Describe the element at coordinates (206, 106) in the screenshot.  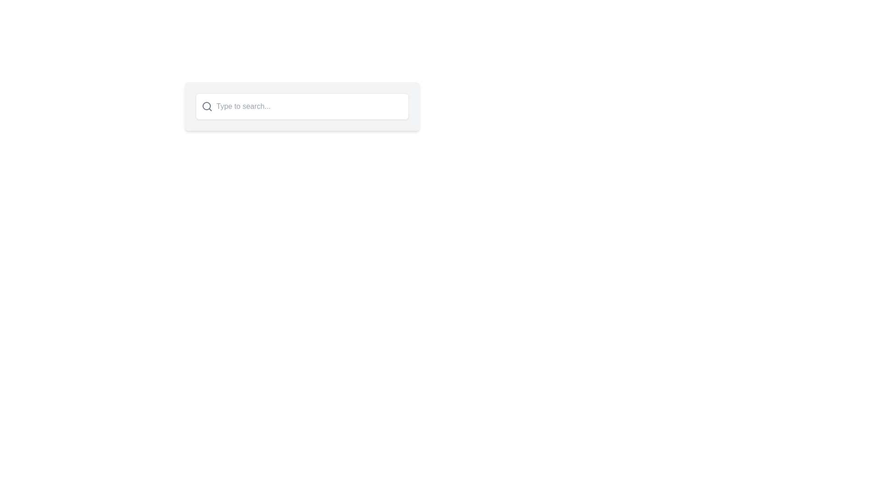
I see `the circular search icon located at the left side of the horizontal search bar in the top-center of the interface` at that location.